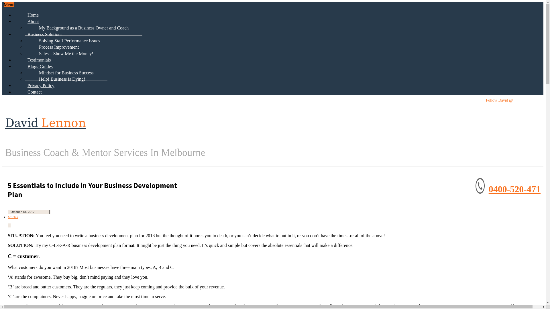  Describe the element at coordinates (33, 14) in the screenshot. I see `'Home'` at that location.